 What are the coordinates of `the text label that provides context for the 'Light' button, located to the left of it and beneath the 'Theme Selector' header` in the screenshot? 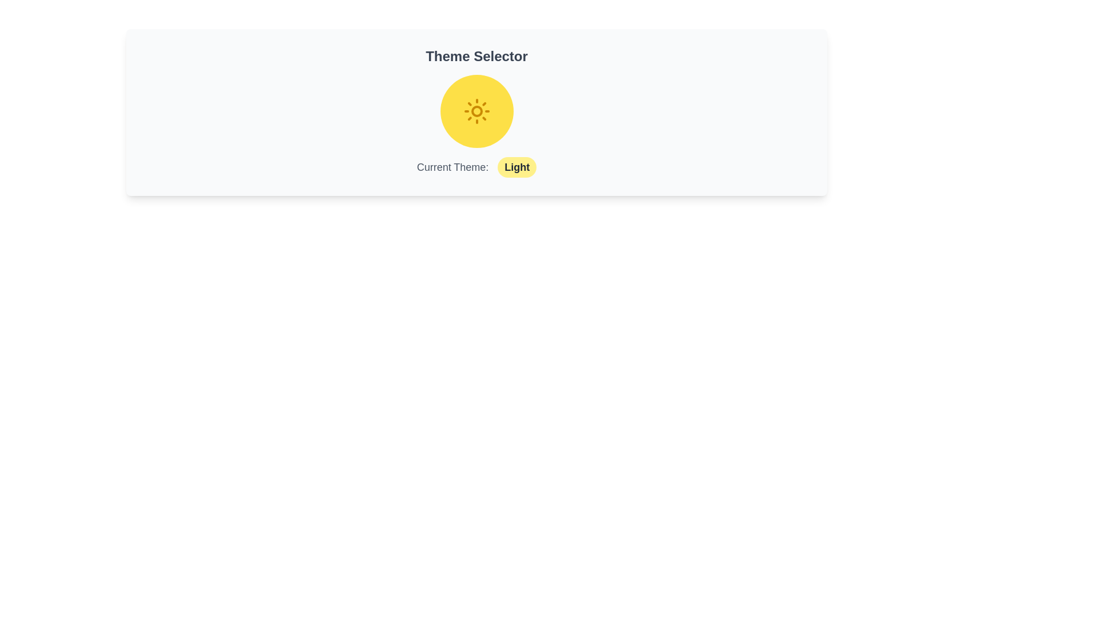 It's located at (452, 167).